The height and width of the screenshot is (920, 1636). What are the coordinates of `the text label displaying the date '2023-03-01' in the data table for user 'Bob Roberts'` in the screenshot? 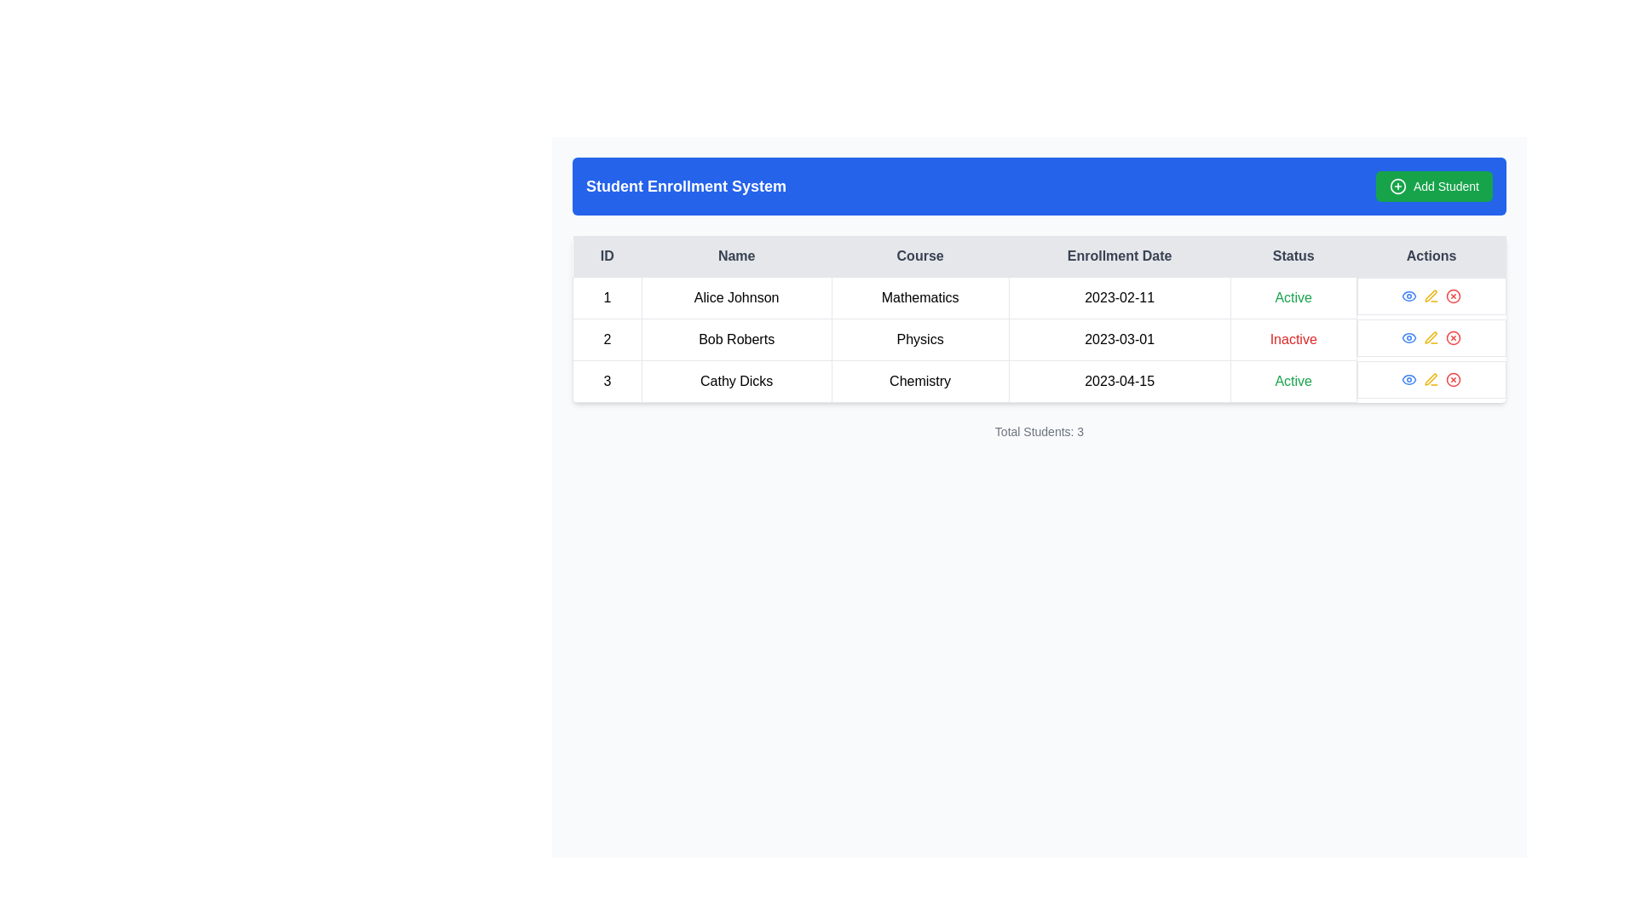 It's located at (1120, 339).